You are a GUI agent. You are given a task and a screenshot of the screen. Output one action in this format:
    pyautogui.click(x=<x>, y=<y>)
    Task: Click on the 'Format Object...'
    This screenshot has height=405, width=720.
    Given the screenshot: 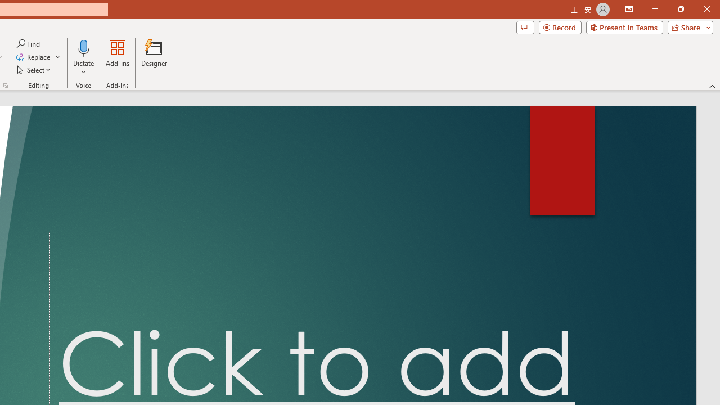 What is the action you would take?
    pyautogui.click(x=6, y=84)
    